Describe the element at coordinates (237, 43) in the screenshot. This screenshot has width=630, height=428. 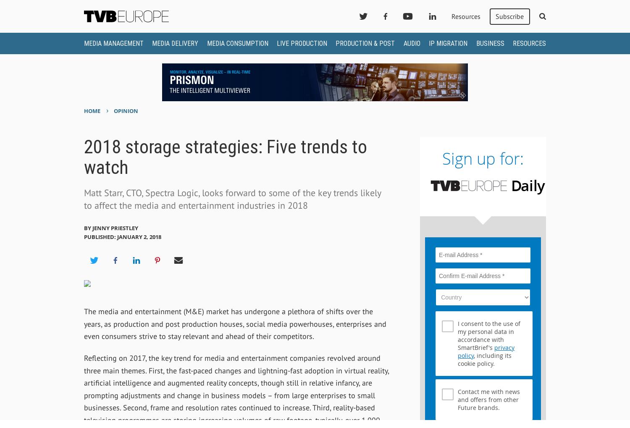
I see `'Media Consumption'` at that location.